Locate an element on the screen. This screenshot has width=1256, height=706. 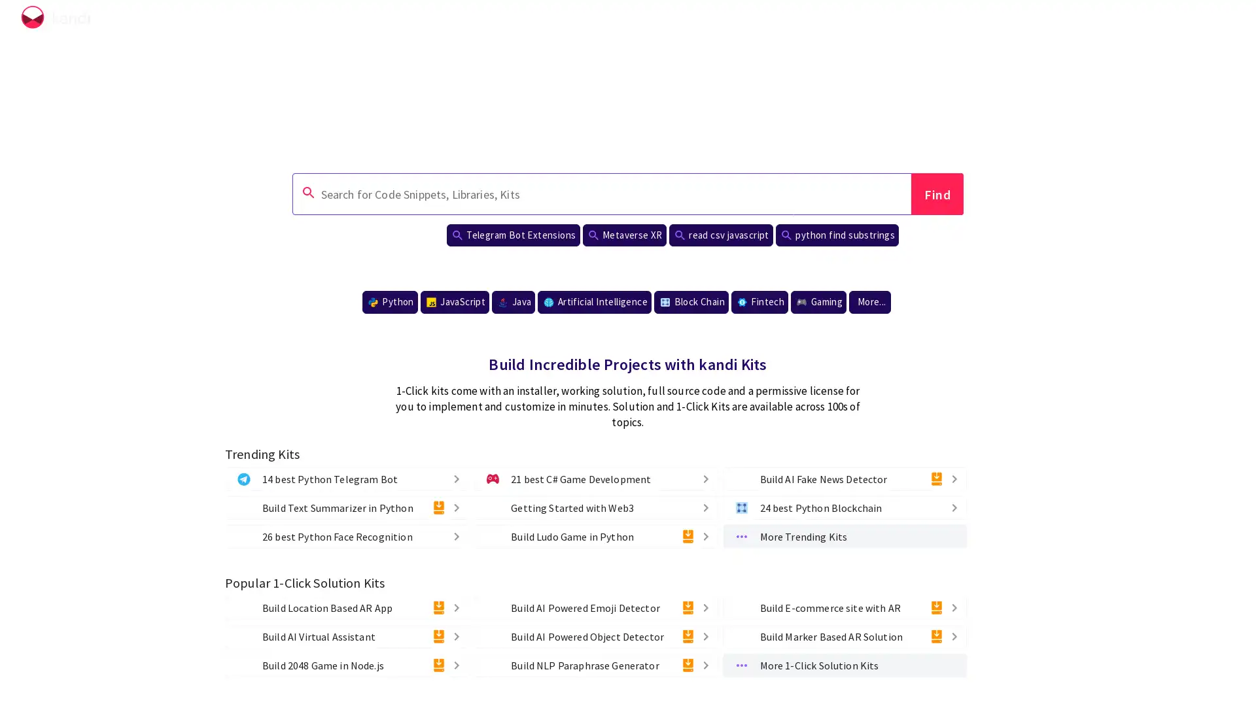
Find is located at coordinates (937, 194).